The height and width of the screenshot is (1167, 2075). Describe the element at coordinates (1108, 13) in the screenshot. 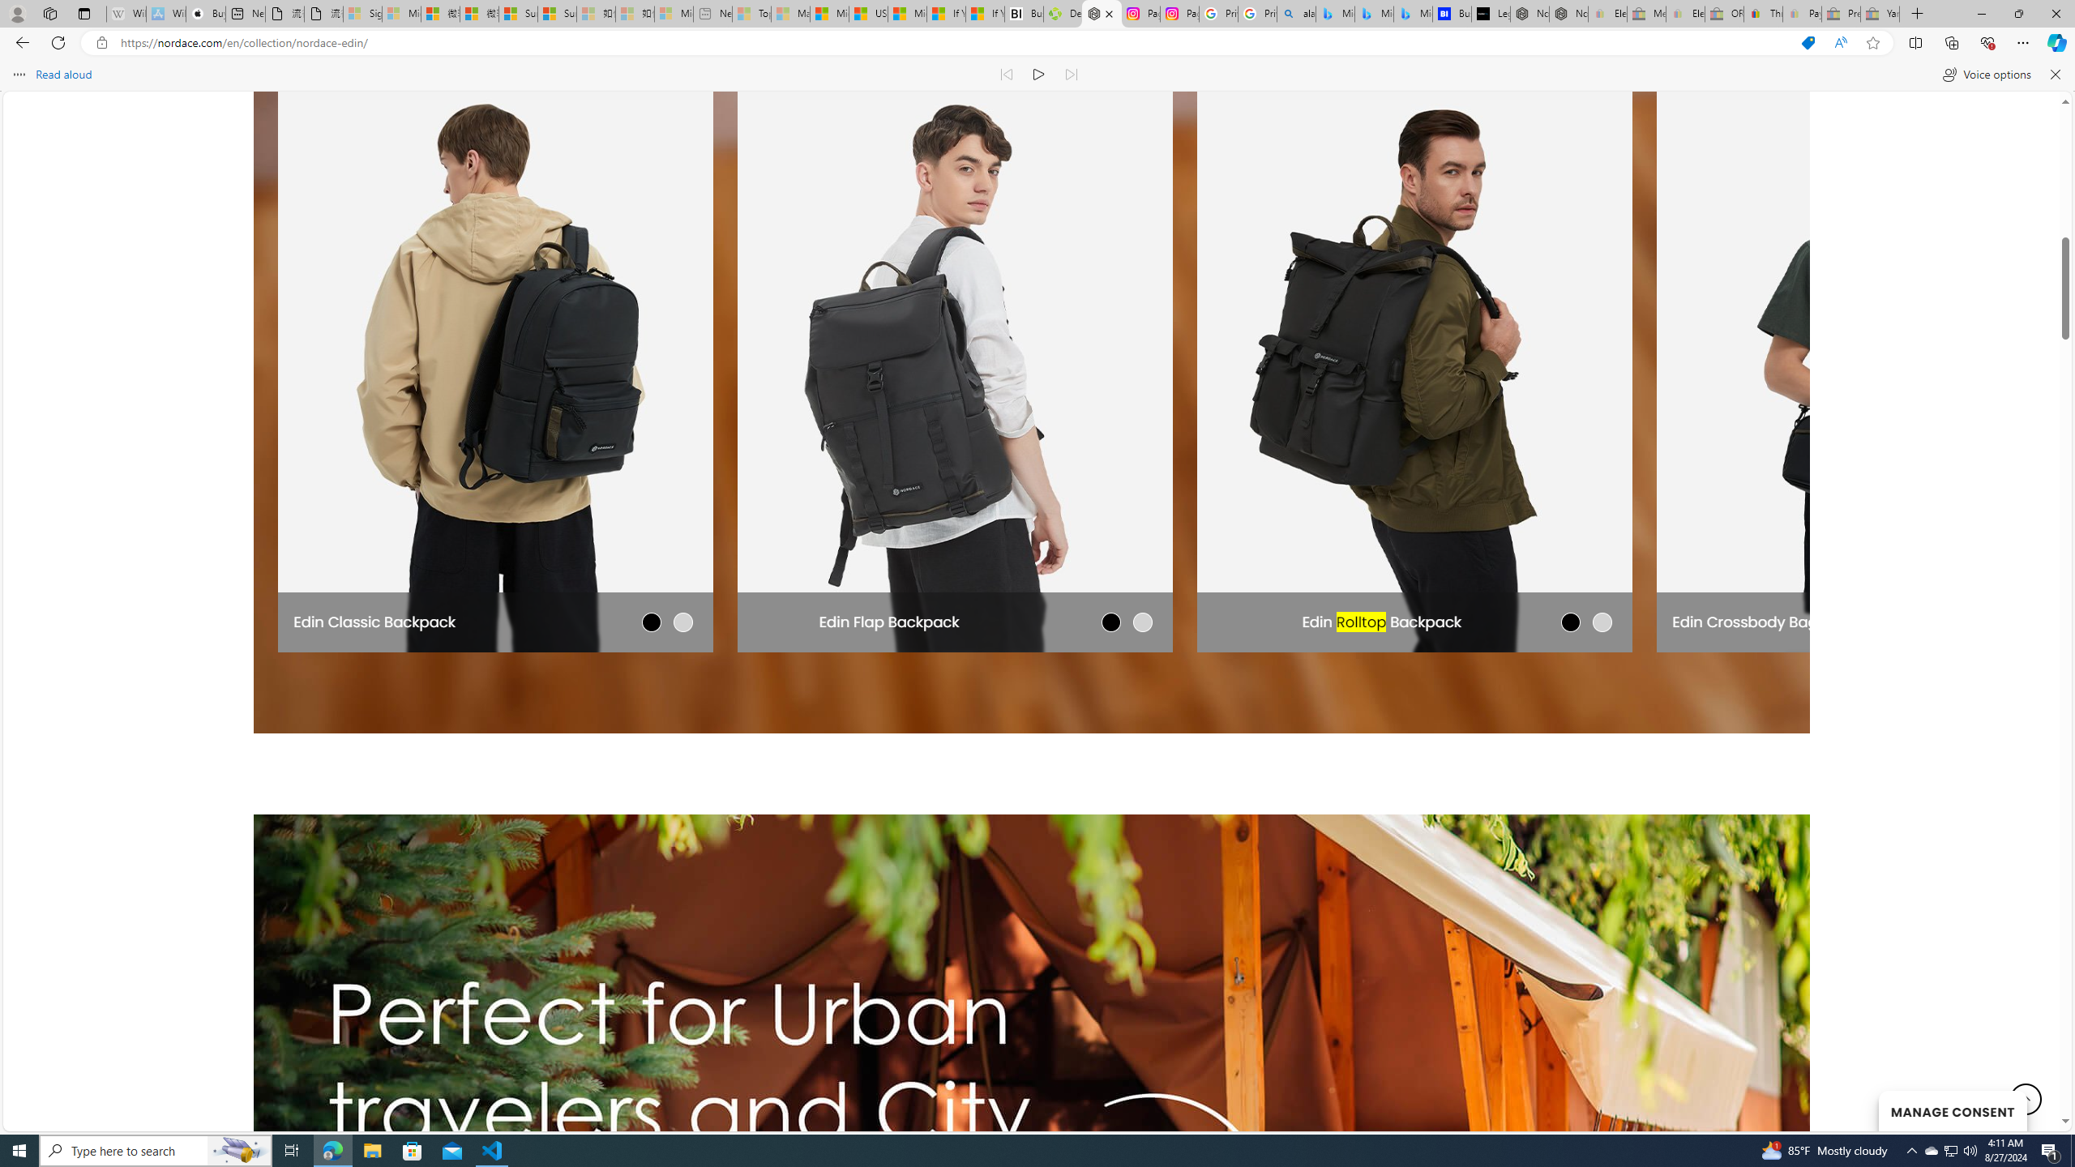

I see `'Close tab'` at that location.